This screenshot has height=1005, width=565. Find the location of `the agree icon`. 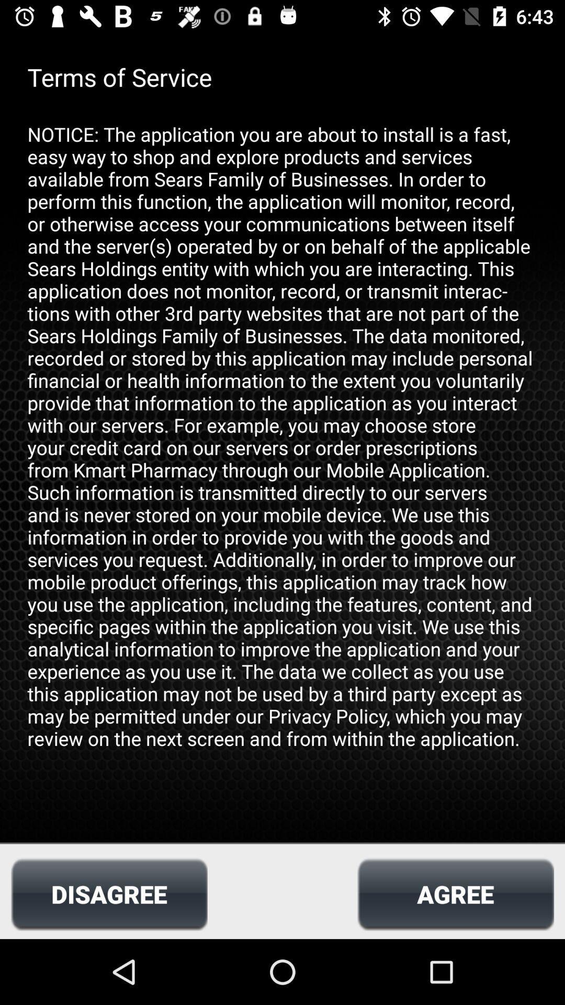

the agree icon is located at coordinates (455, 894).